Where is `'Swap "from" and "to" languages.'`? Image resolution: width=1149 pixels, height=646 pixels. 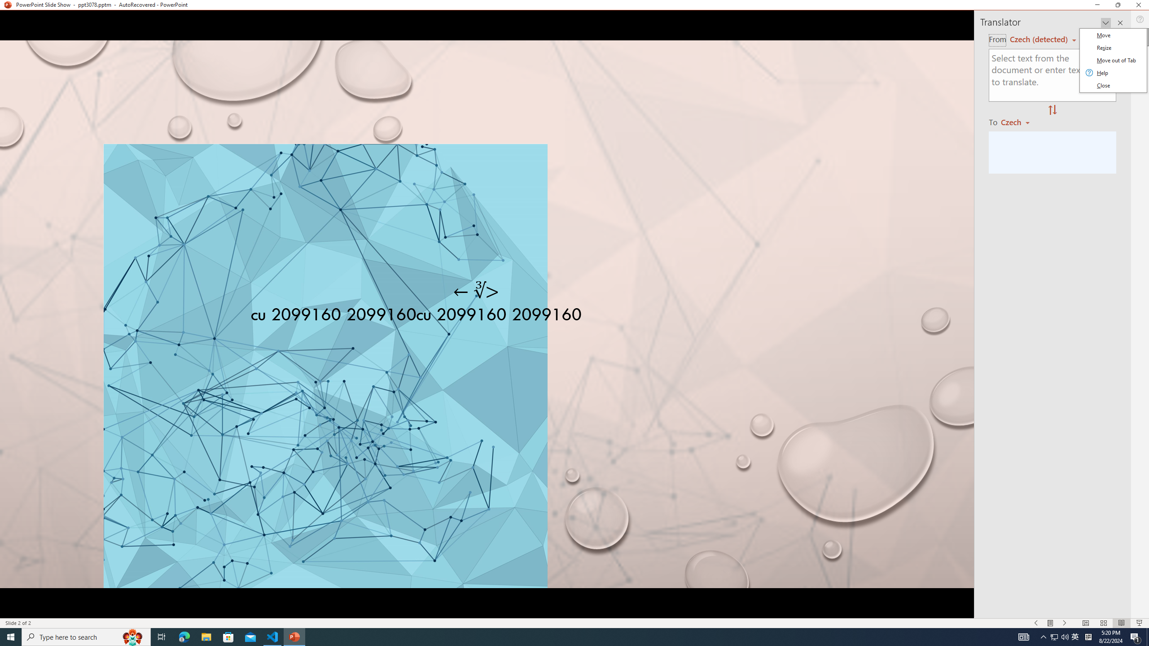 'Swap "from" and "to" languages.' is located at coordinates (1052, 110).